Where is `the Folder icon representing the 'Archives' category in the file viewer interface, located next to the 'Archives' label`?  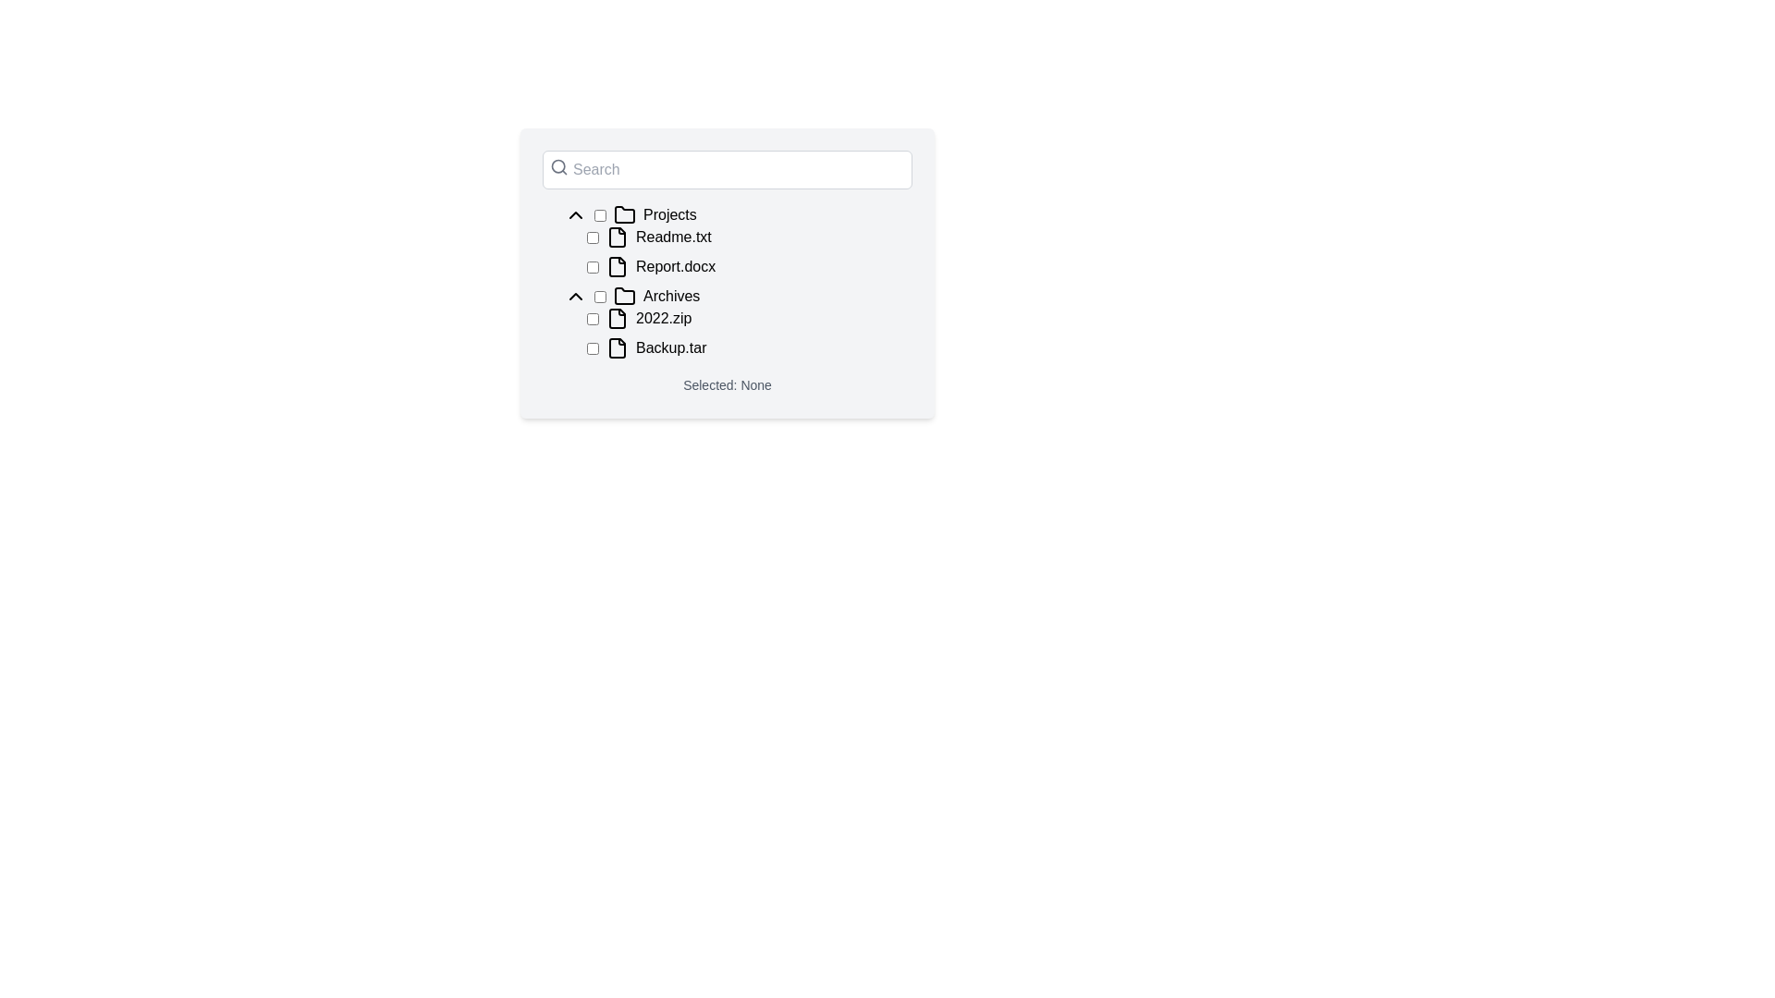 the Folder icon representing the 'Archives' category in the file viewer interface, located next to the 'Archives' label is located at coordinates (625, 295).